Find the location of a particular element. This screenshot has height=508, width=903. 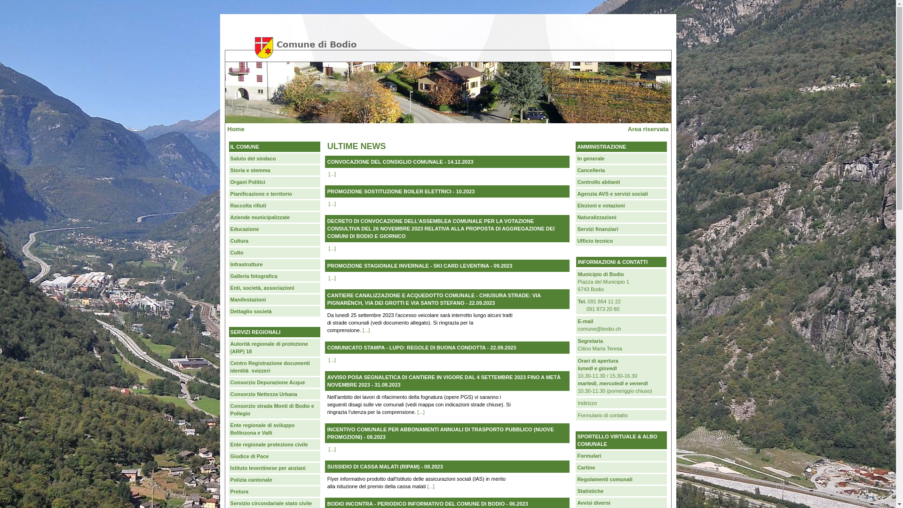

'Pretura' is located at coordinates (274, 491).